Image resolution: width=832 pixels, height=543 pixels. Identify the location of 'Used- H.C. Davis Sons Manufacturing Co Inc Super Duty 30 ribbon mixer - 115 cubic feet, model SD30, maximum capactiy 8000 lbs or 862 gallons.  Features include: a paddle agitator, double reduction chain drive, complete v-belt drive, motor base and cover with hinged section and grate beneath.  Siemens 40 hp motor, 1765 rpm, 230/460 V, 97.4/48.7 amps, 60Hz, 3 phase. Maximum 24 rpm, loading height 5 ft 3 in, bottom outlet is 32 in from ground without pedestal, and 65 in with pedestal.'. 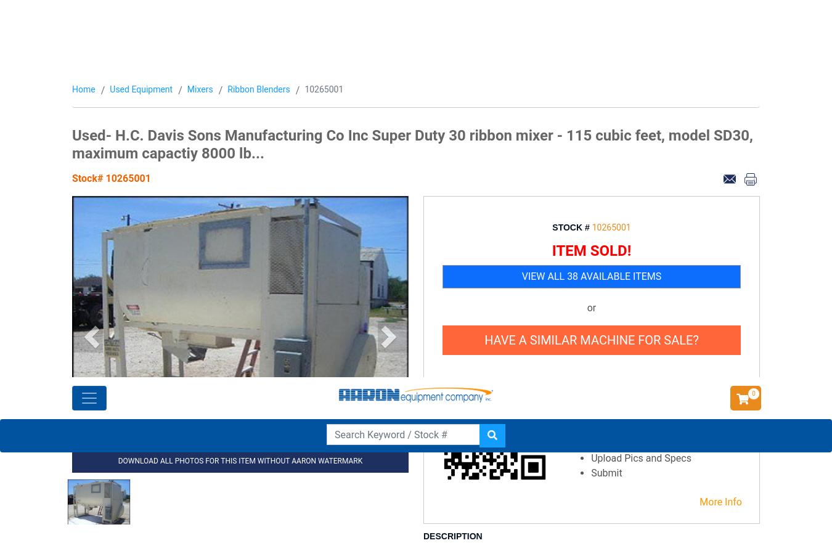
(589, 221).